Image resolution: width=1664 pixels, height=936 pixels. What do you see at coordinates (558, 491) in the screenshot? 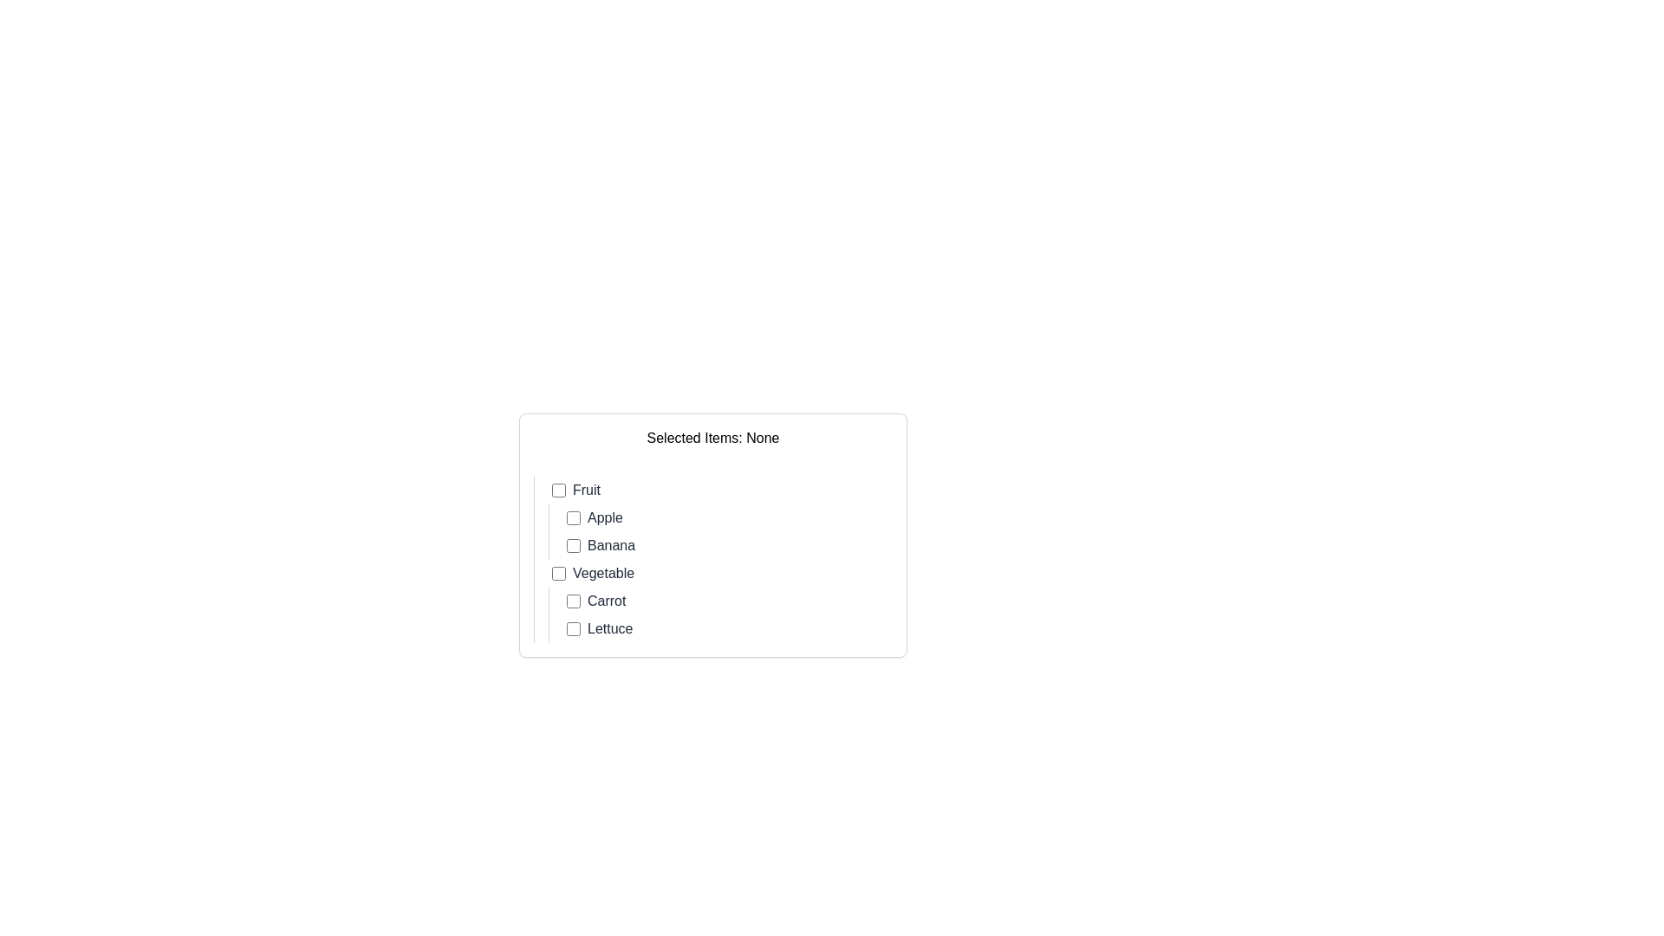
I see `the checkbox element associated with the text 'Fruit'` at bounding box center [558, 491].